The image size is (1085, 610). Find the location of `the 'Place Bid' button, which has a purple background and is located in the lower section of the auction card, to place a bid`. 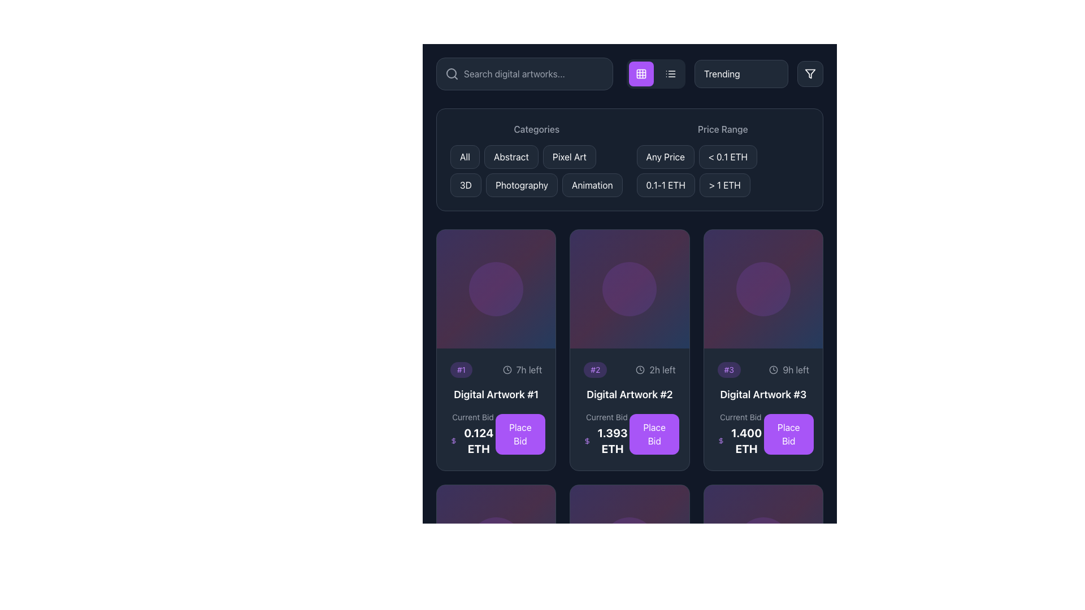

the 'Place Bid' button, which has a purple background and is located in the lower section of the auction card, to place a bid is located at coordinates (519, 434).